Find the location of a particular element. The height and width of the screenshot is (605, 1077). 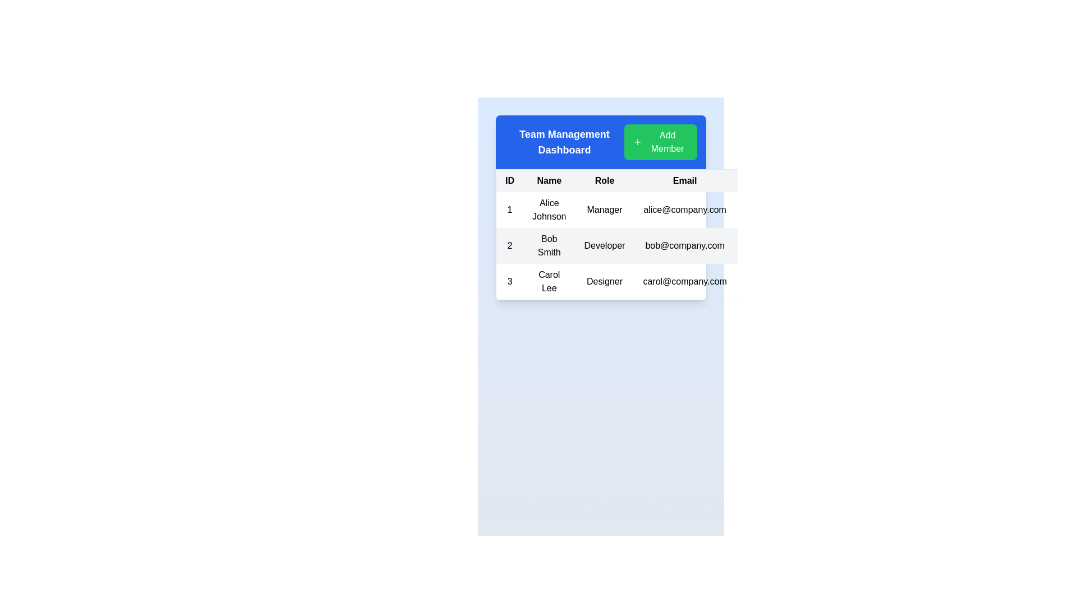

the second row in the team members table is located at coordinates (669, 245).